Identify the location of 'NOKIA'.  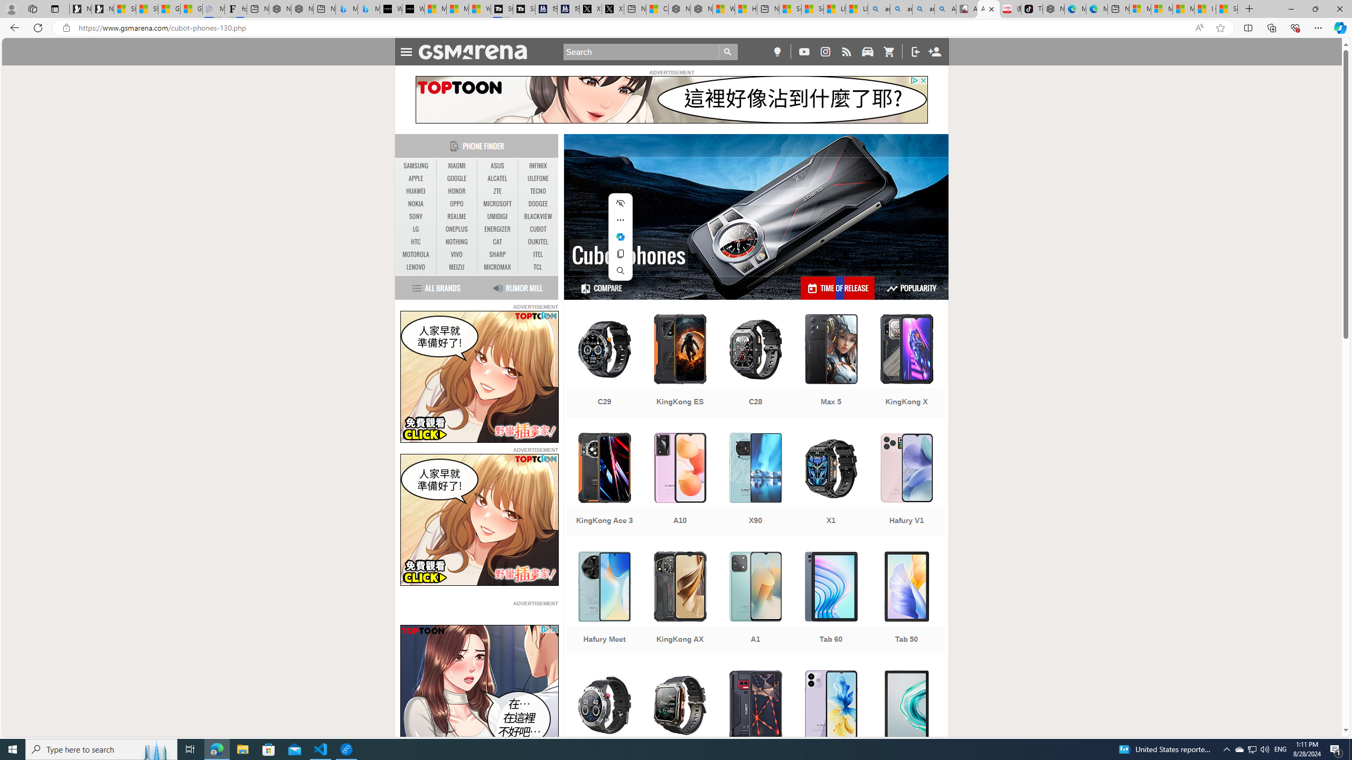
(416, 204).